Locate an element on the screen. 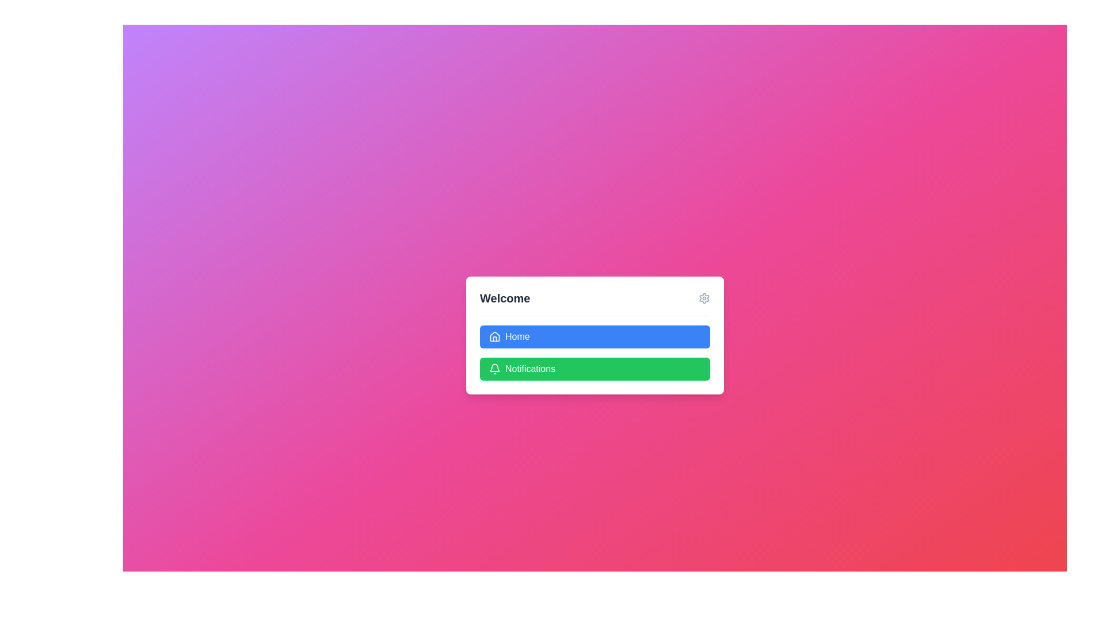  the settings icon button located in the upper right corner of the white rectangular area to change its color is located at coordinates (704, 297).